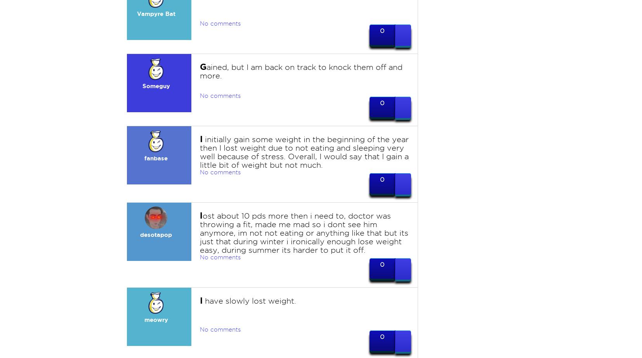  What do you see at coordinates (155, 86) in the screenshot?
I see `'Someguy'` at bounding box center [155, 86].